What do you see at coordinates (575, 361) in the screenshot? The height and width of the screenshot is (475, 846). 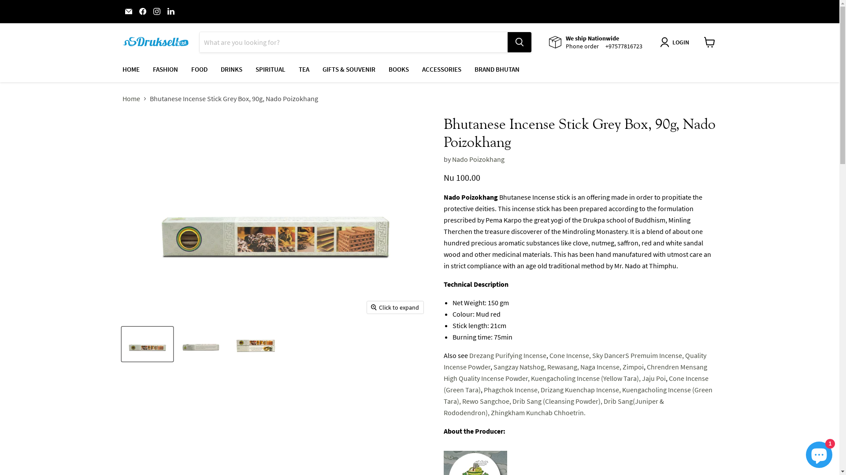 I see `'Quality Incense Powder'` at bounding box center [575, 361].